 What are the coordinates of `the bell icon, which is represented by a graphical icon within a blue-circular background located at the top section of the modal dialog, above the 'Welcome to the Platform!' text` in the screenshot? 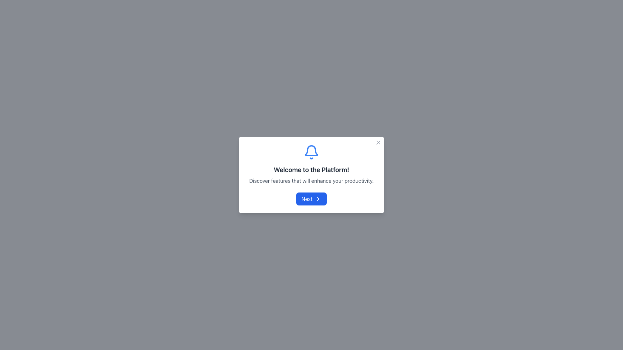 It's located at (311, 151).